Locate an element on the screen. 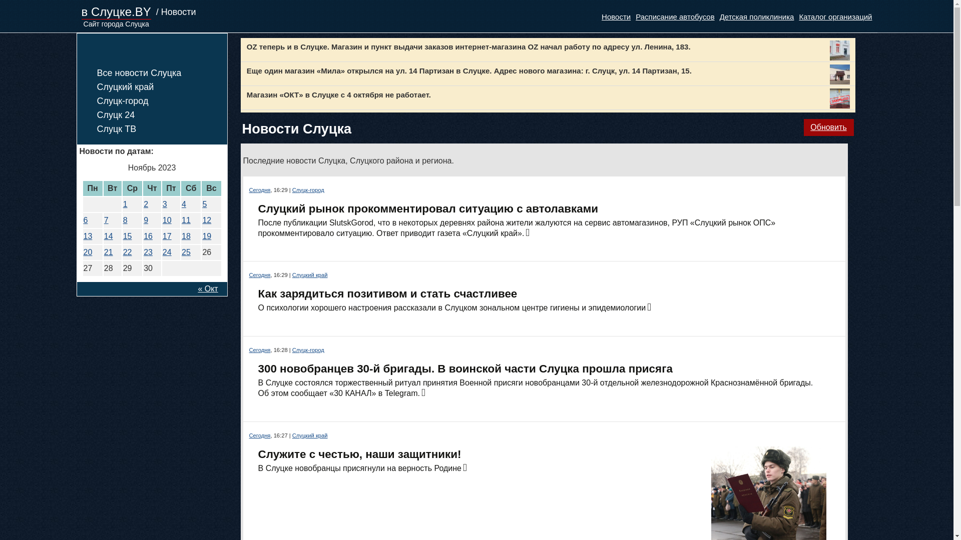 The height and width of the screenshot is (540, 961). '11' is located at coordinates (186, 219).